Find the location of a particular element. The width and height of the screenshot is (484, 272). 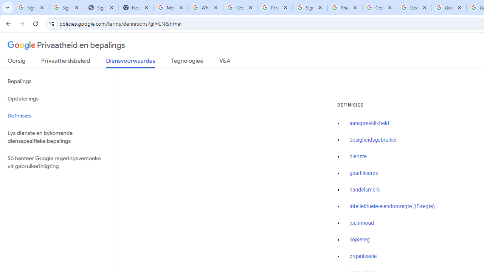

'Bepalings' is located at coordinates (57, 82).